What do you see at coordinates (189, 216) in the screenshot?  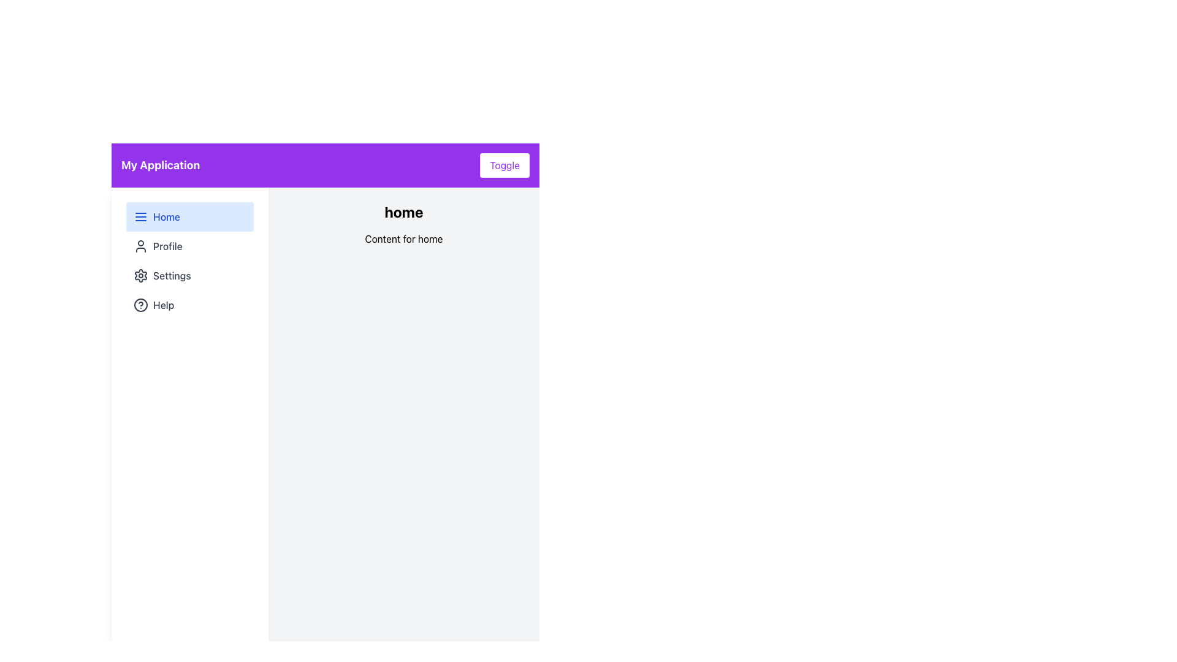 I see `the 'Home' button in the left sidebar` at bounding box center [189, 216].